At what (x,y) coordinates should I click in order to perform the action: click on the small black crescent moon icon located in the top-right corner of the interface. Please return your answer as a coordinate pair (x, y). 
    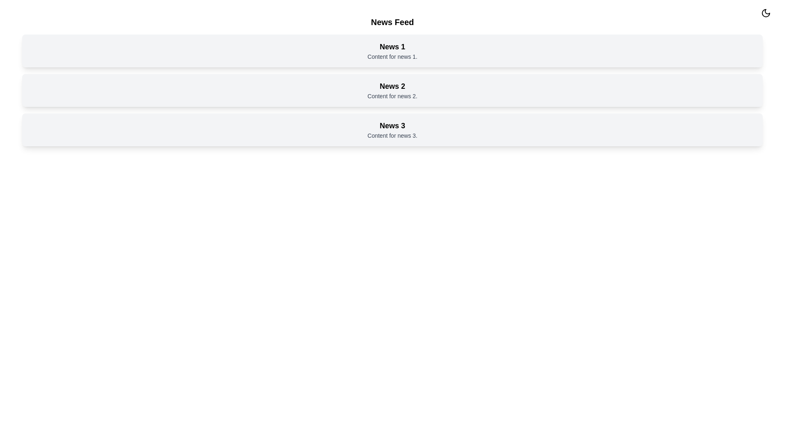
    Looking at the image, I should click on (765, 13).